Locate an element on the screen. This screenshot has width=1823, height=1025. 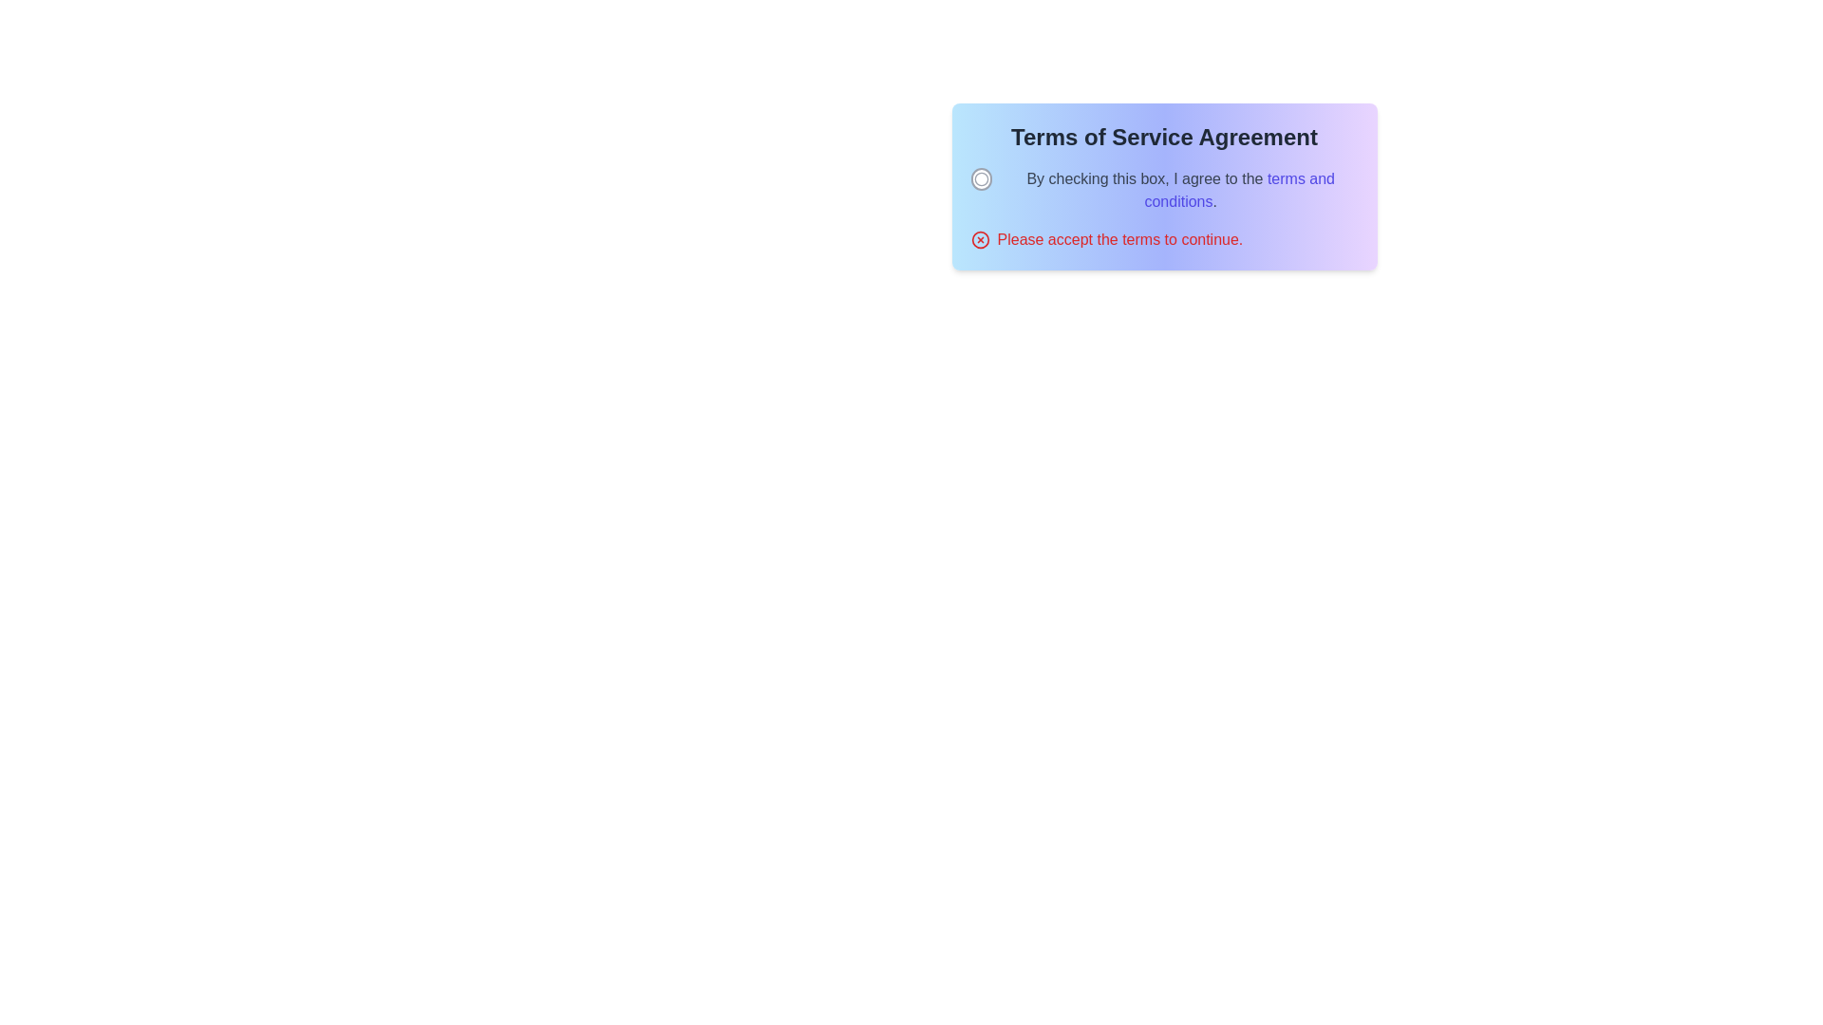
the checkbox located next to the text 'By checking this box, I agree to the terms and conditions.' for potential tooltip or visual feedback is located at coordinates (981, 179).